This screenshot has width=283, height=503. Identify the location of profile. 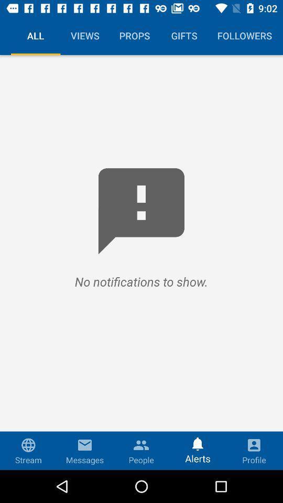
(253, 450).